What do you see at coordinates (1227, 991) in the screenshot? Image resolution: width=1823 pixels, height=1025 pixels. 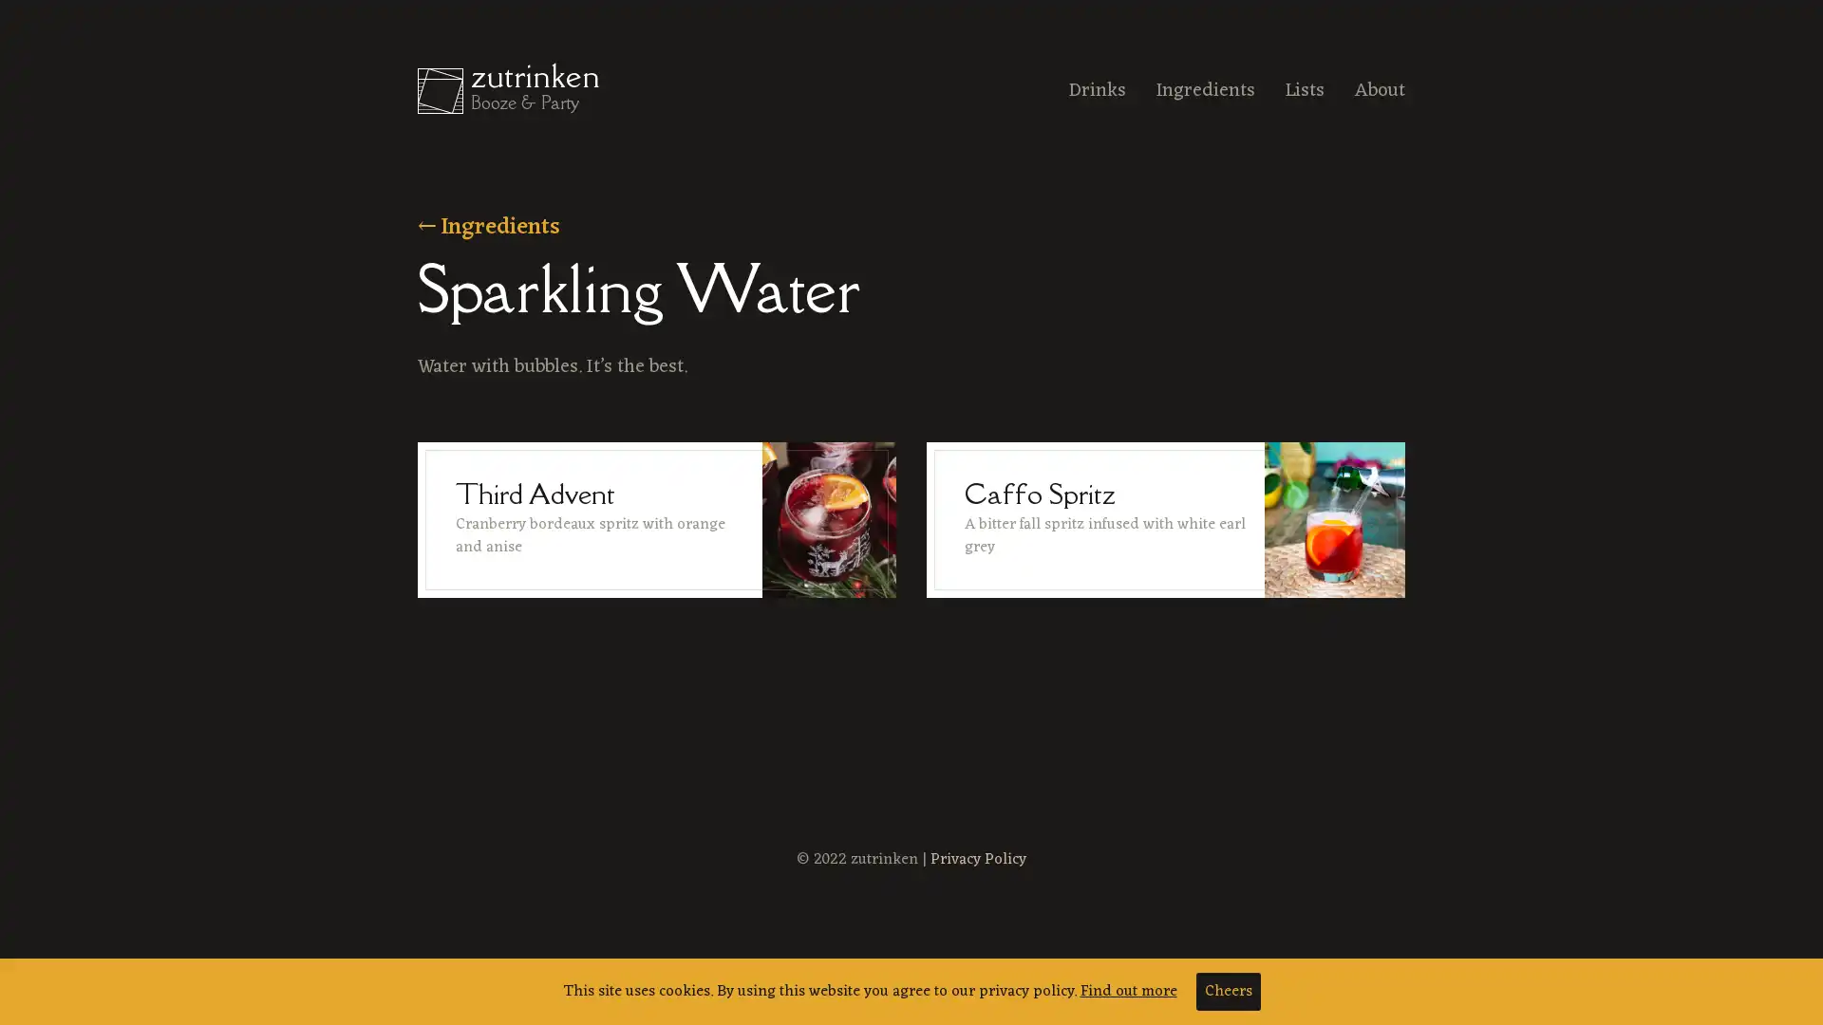 I see `Cheers` at bounding box center [1227, 991].